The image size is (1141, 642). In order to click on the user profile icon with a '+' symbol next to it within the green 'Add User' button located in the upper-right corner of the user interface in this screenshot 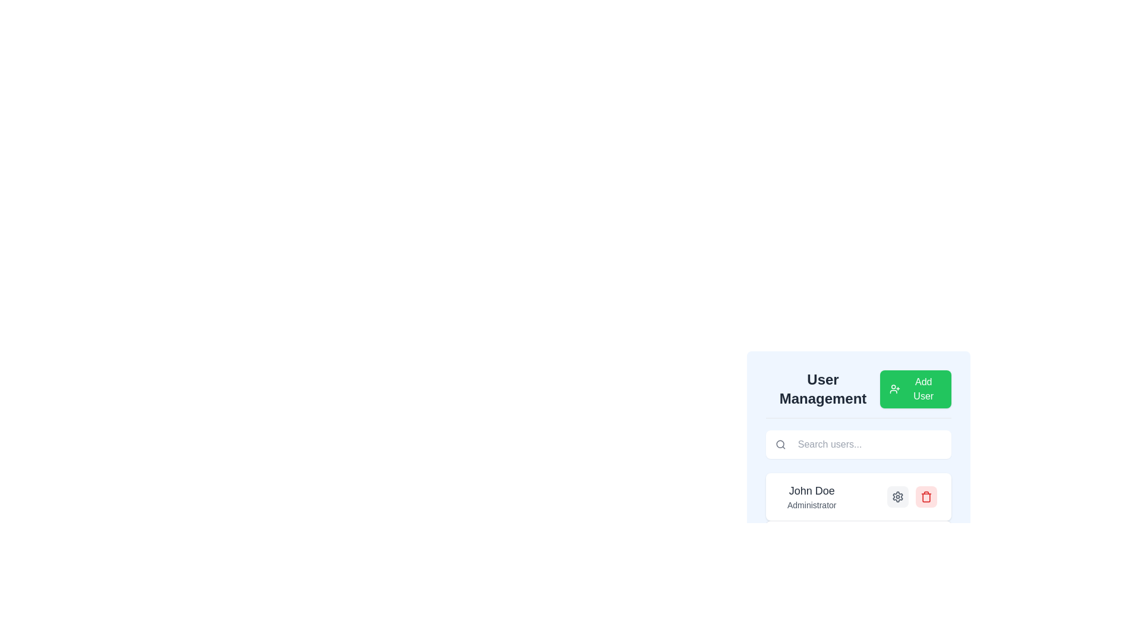, I will do `click(895, 389)`.